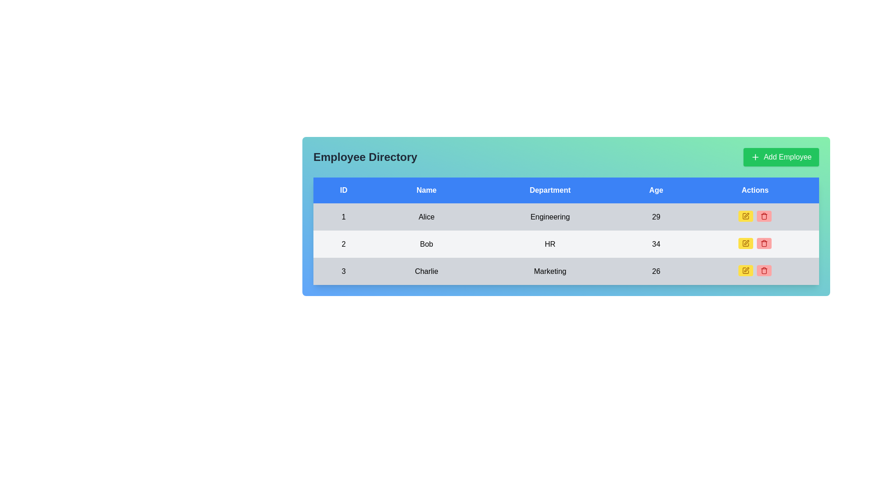 Image resolution: width=885 pixels, height=498 pixels. Describe the element at coordinates (755, 217) in the screenshot. I see `the action buttons in the table cell for employee 'Alice', located in the fifth cell of the first row under the 'Actions' column` at that location.